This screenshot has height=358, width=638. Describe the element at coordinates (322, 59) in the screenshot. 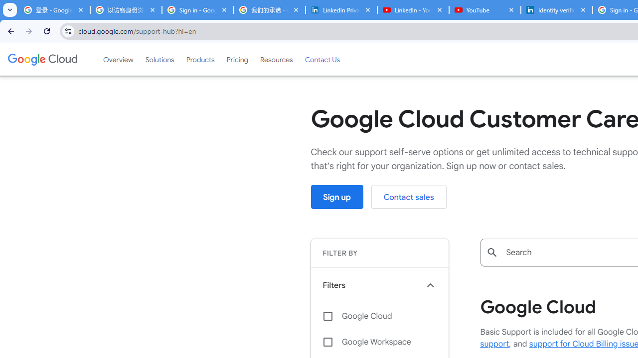

I see `'Contact Us'` at that location.